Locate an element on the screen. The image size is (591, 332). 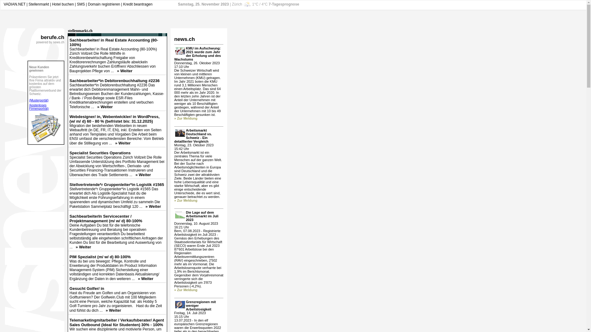
'Gesucht Golfer/ in' is located at coordinates (86, 288).